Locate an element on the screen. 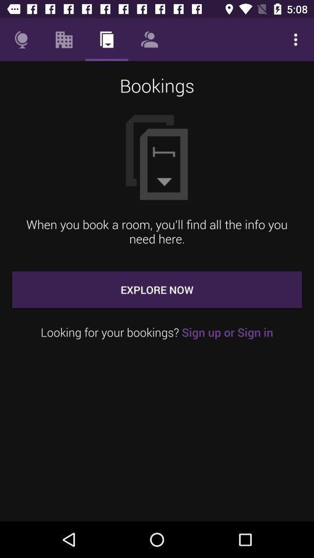 The height and width of the screenshot is (558, 314). the icon at the top right corner is located at coordinates (295, 40).